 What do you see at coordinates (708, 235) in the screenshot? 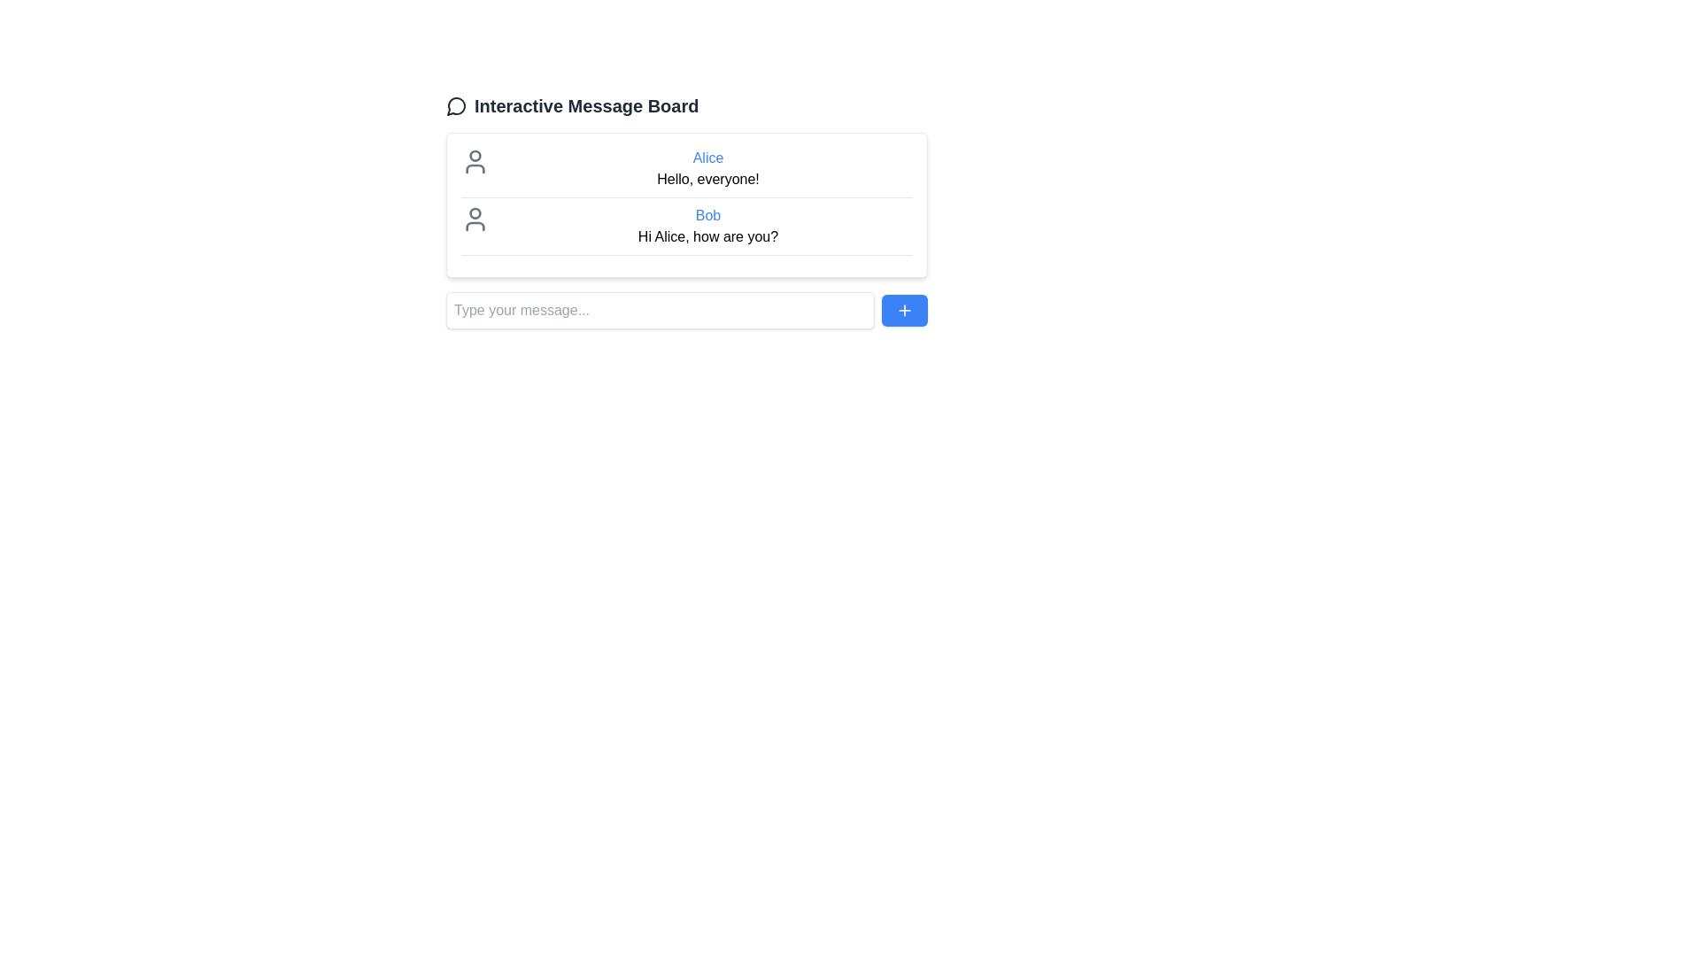
I see `the text display element that shows a message in the chat application, positioned below the username 'Bob', horizontally centered and vertically aligned in the middle of the chat interface` at bounding box center [708, 235].